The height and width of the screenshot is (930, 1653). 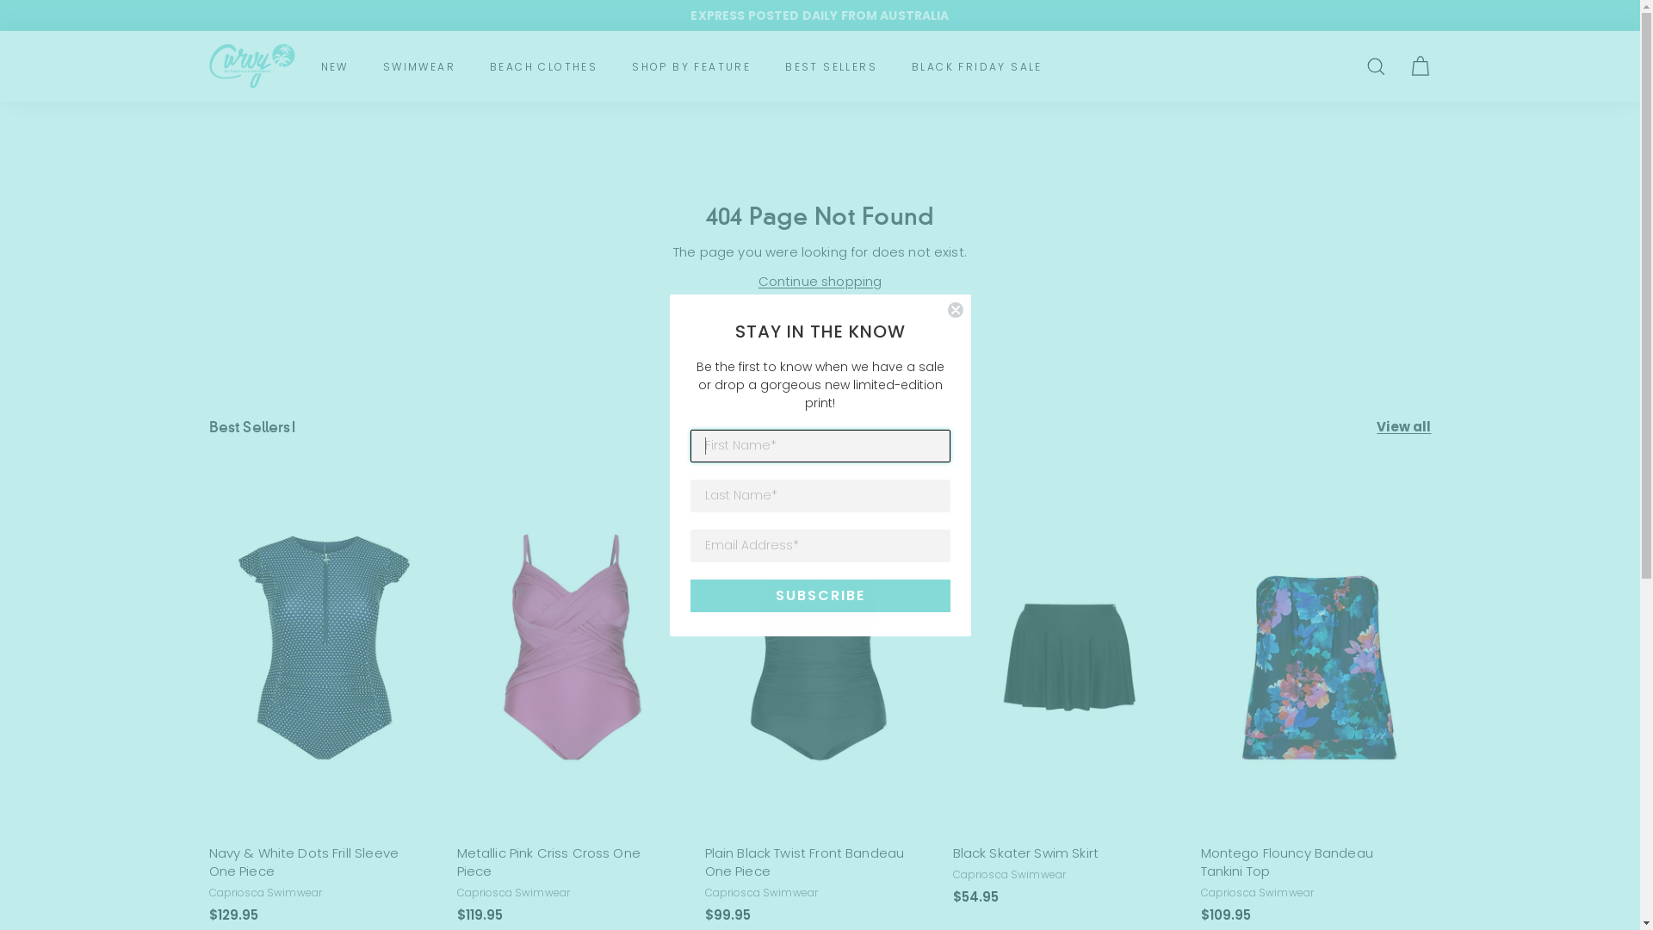 What do you see at coordinates (894, 65) in the screenshot?
I see `'BLACK FRIDAY SALE'` at bounding box center [894, 65].